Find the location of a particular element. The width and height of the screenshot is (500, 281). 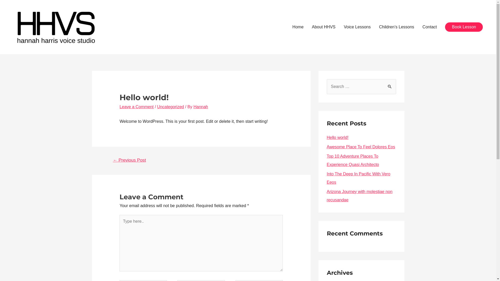

'Contact' is located at coordinates (429, 27).